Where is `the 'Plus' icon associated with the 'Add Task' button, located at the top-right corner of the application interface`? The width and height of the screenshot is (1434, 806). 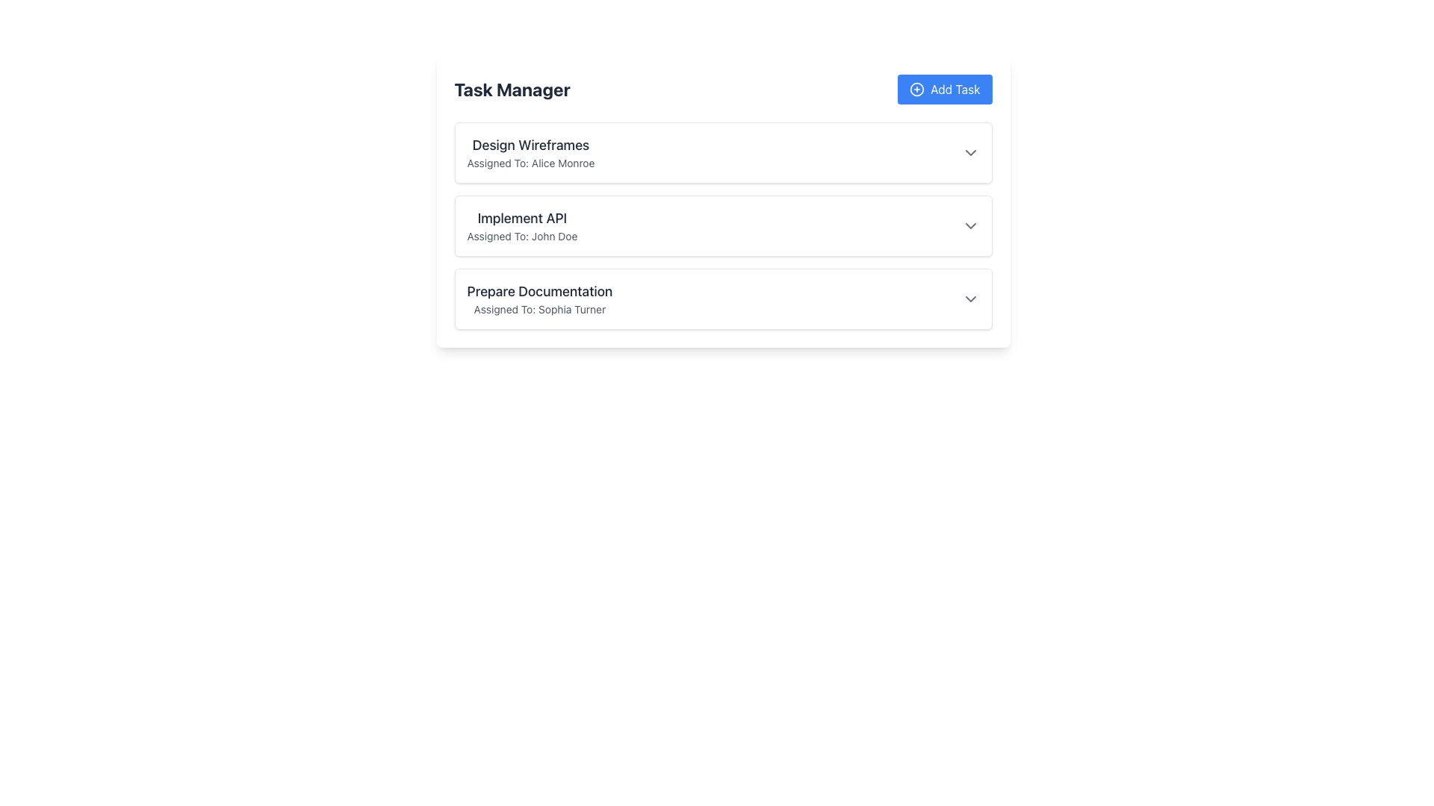
the 'Plus' icon associated with the 'Add Task' button, located at the top-right corner of the application interface is located at coordinates (916, 89).